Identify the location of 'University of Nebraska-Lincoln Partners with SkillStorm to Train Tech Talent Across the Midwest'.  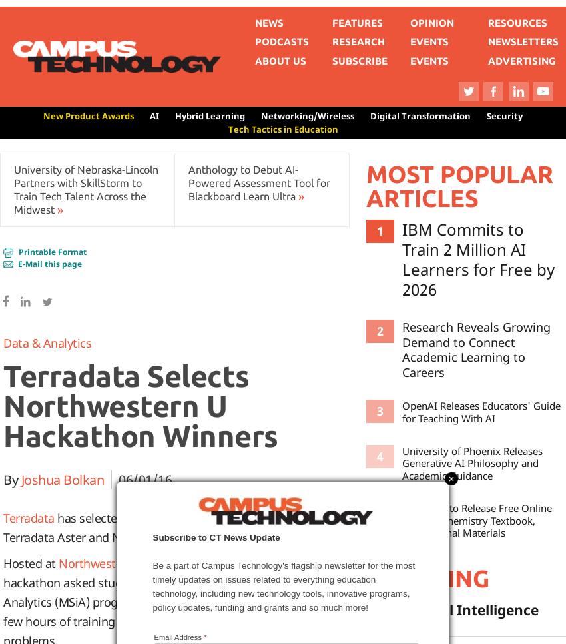
(86, 188).